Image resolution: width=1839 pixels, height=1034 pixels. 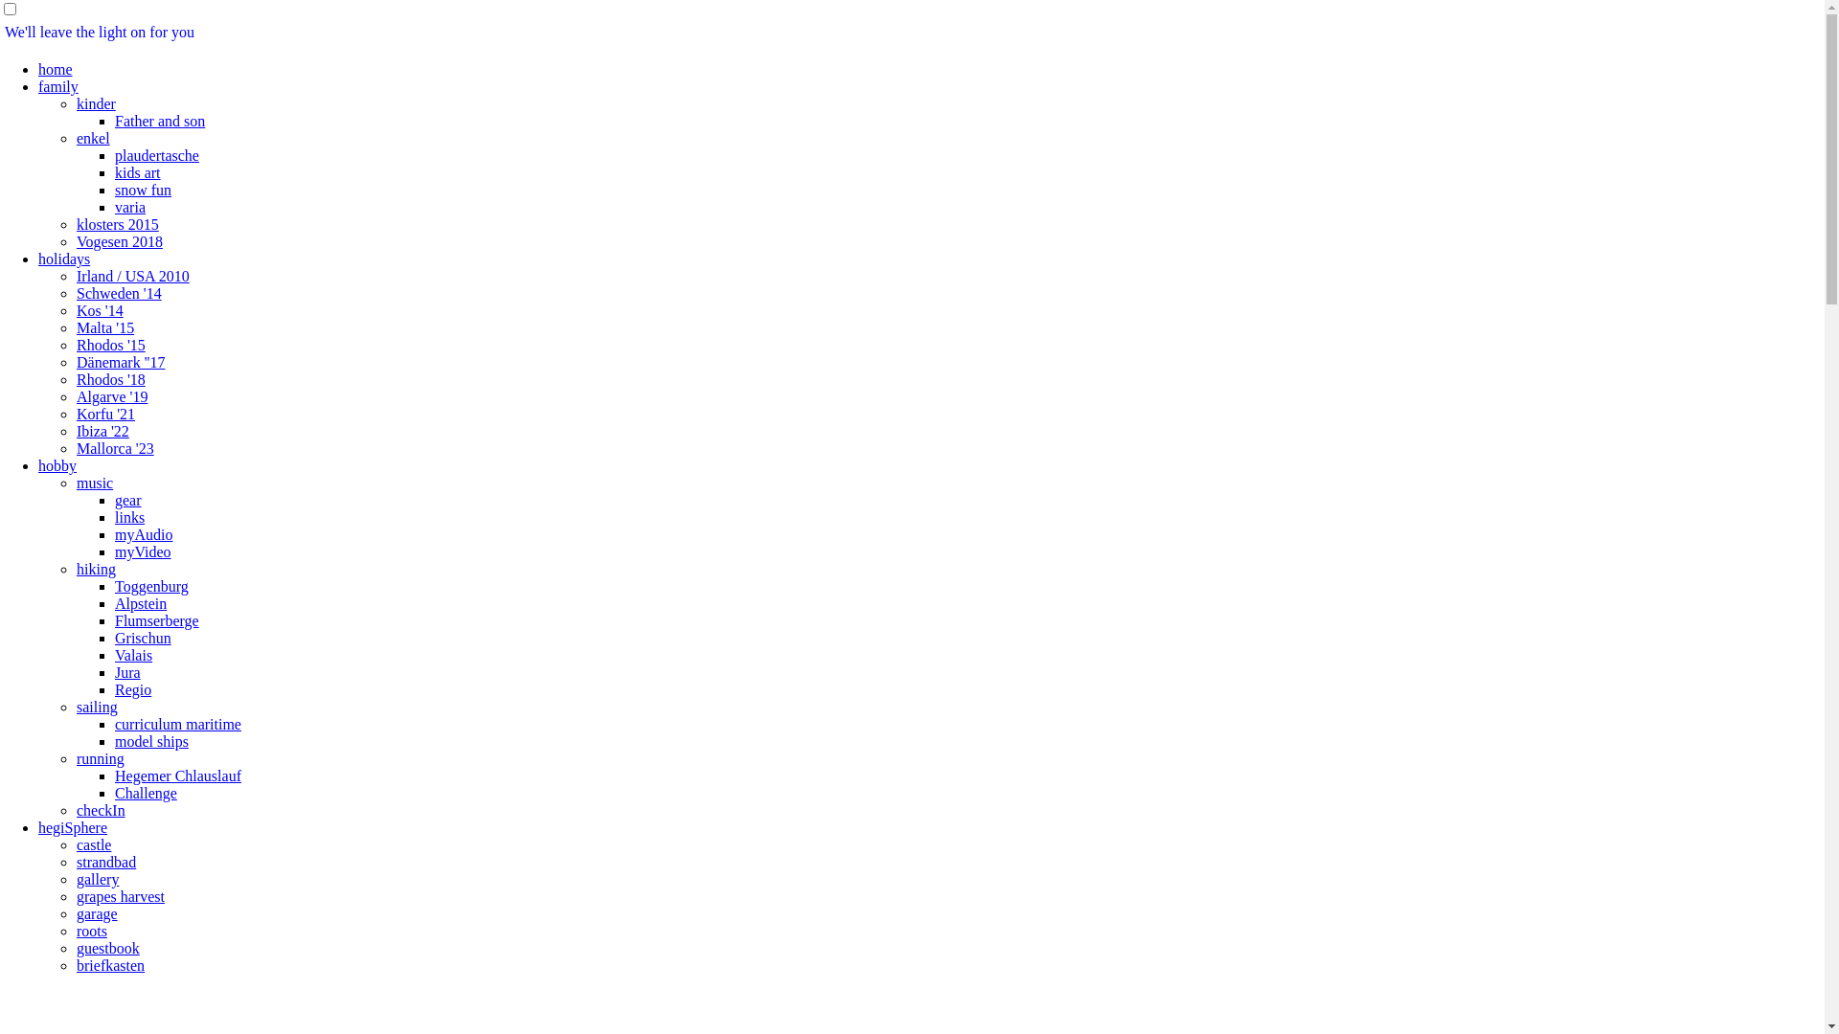 I want to click on 'myVideo', so click(x=142, y=551).